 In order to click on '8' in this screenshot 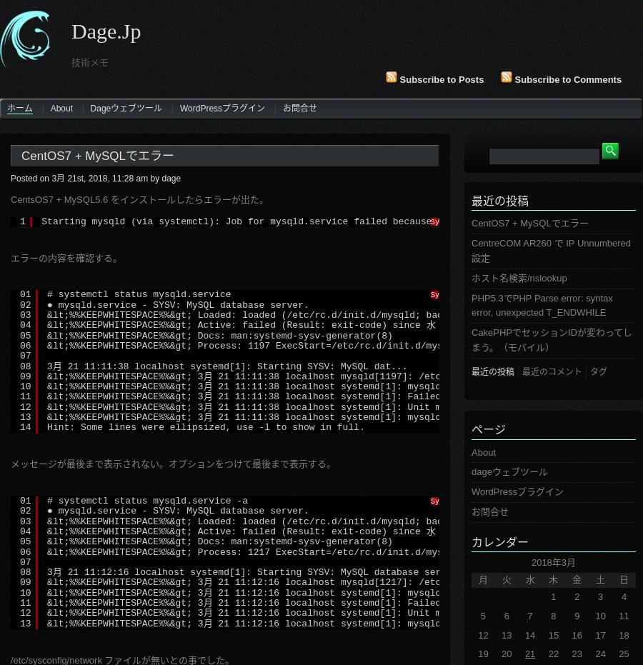, I will do `click(552, 614)`.